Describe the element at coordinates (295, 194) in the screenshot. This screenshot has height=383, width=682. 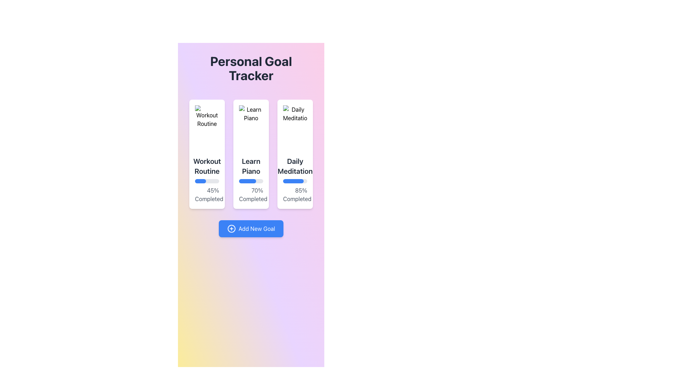
I see `the informational label indicating the completion percentage ('85%') of the 'Daily Meditation' goal, located at the bottom of the Daily Meditation card` at that location.